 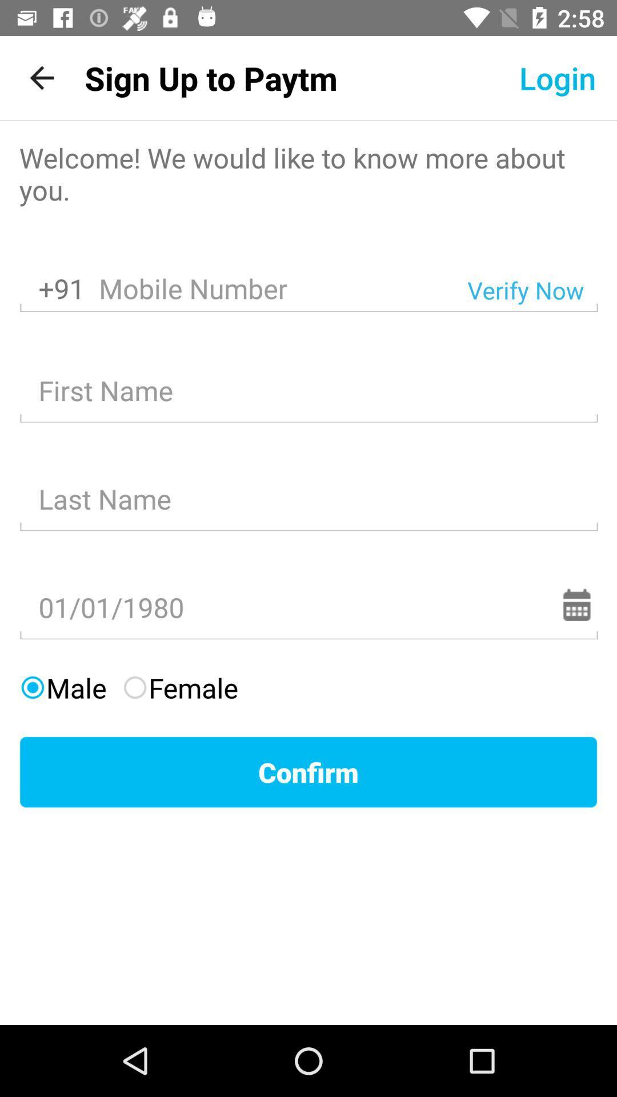 I want to click on the item above the confirm, so click(x=63, y=687).